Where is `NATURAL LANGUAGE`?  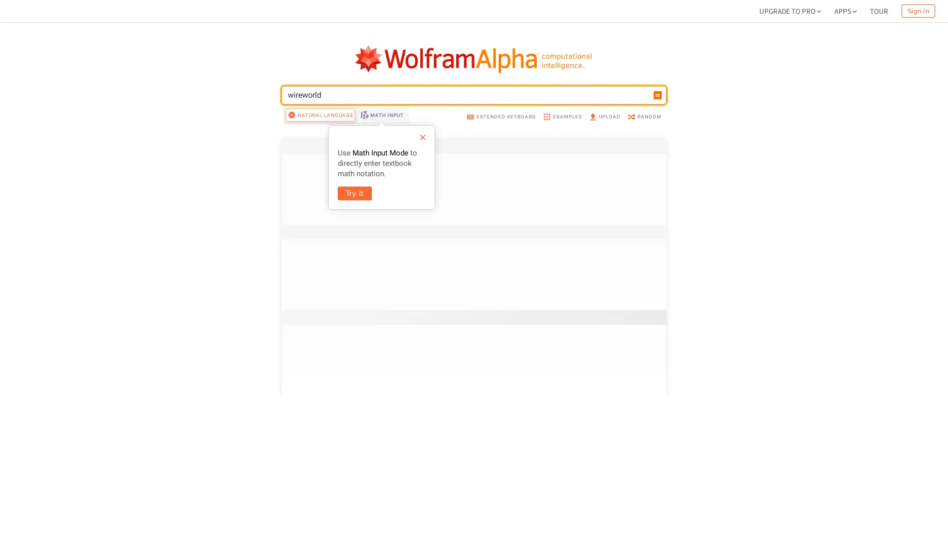 NATURAL LANGUAGE is located at coordinates (320, 198).